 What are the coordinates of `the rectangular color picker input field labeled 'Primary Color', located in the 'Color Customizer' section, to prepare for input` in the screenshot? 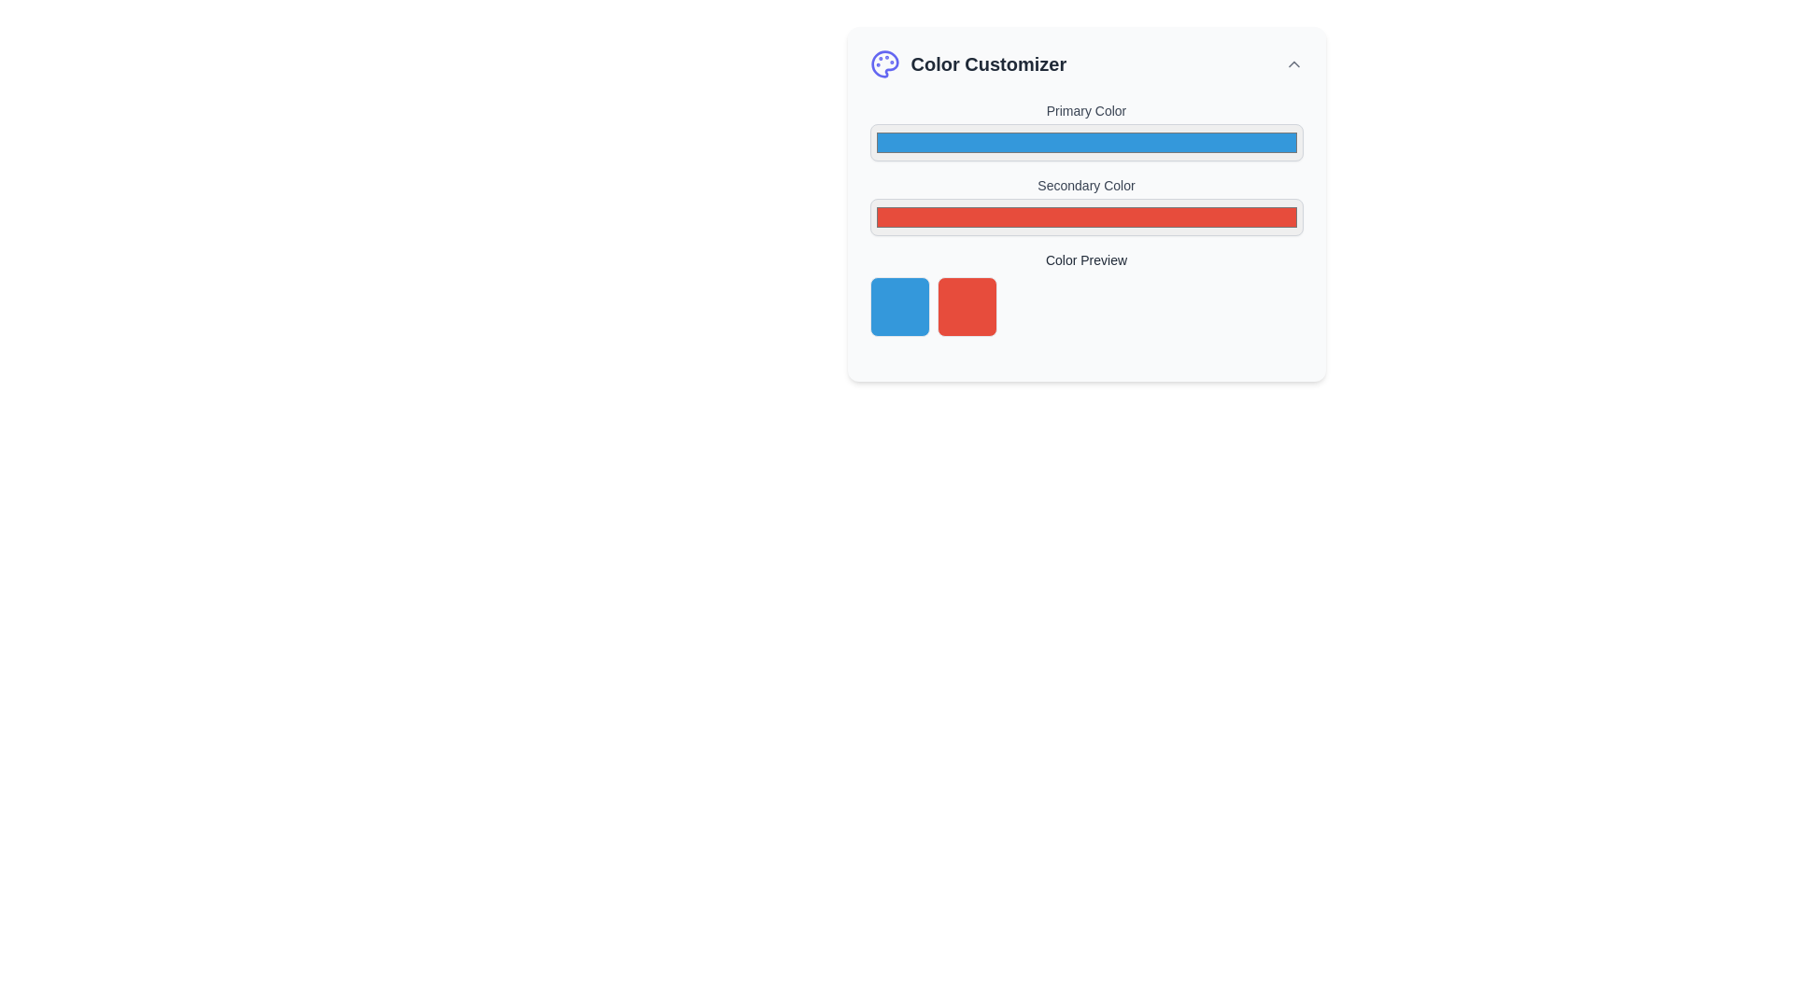 It's located at (1086, 131).